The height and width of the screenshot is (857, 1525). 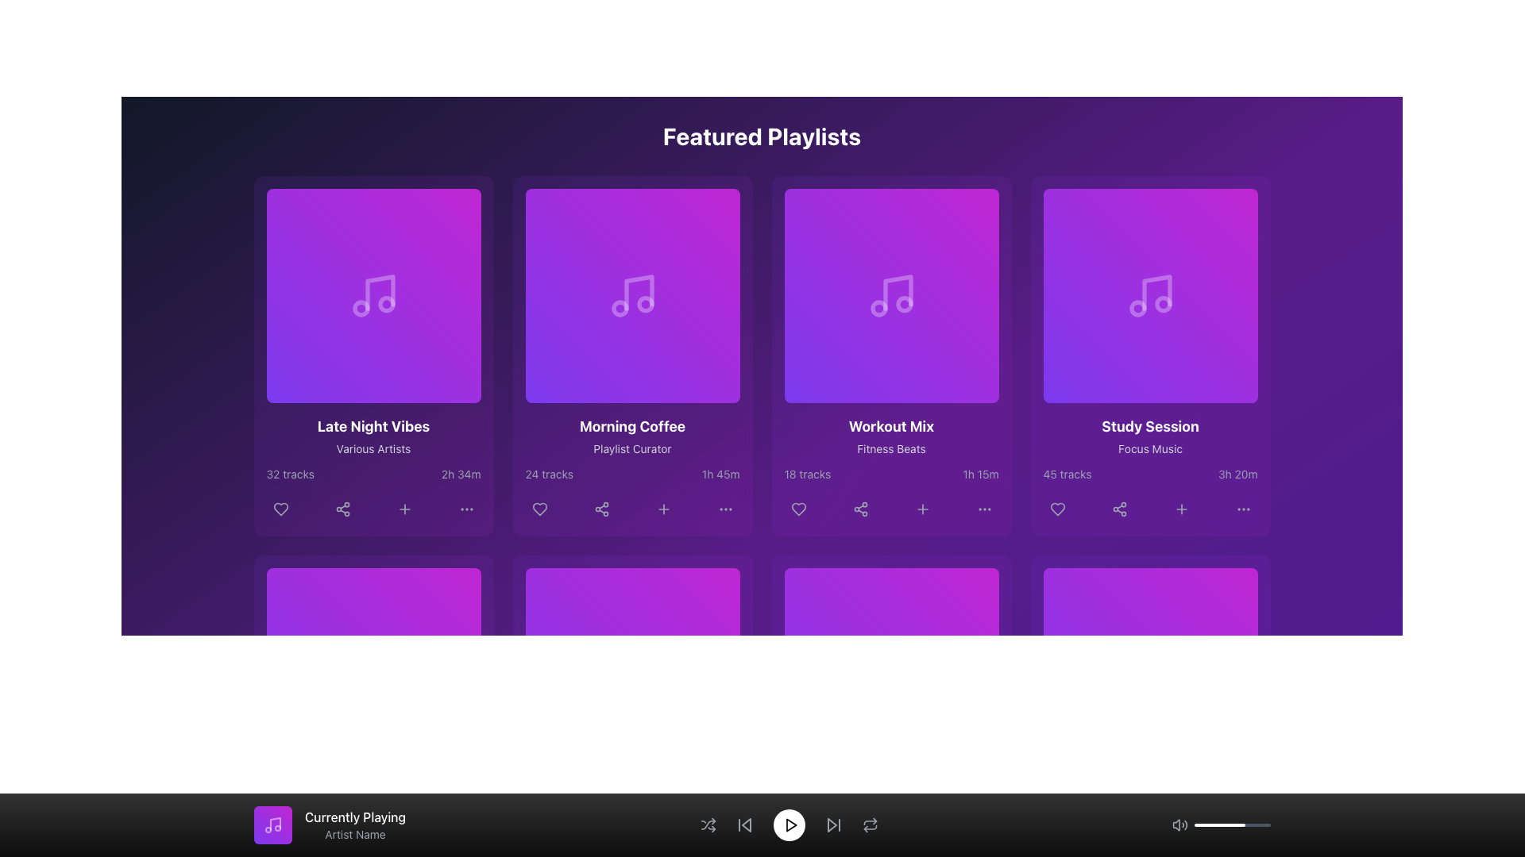 I want to click on the play icon, so click(x=374, y=296).